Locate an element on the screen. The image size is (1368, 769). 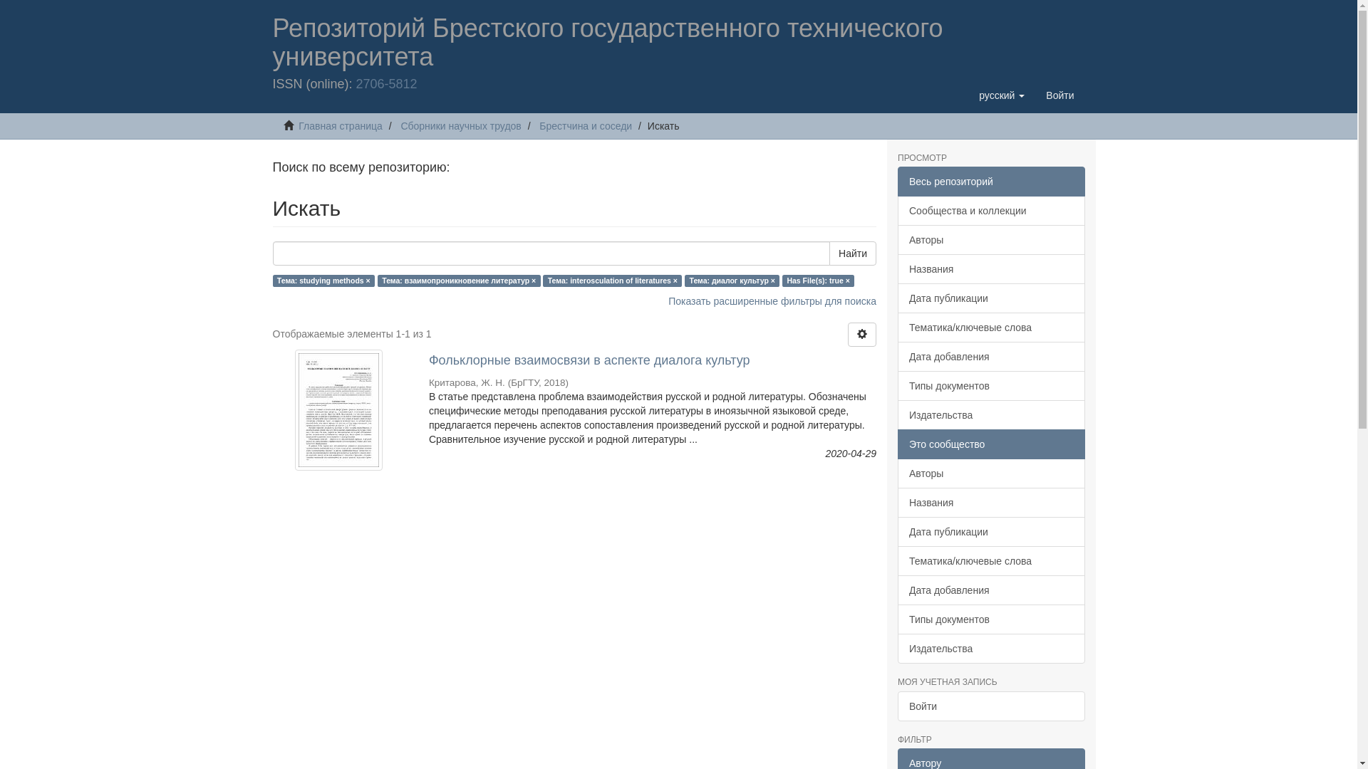
'2706-5812' is located at coordinates (386, 84).